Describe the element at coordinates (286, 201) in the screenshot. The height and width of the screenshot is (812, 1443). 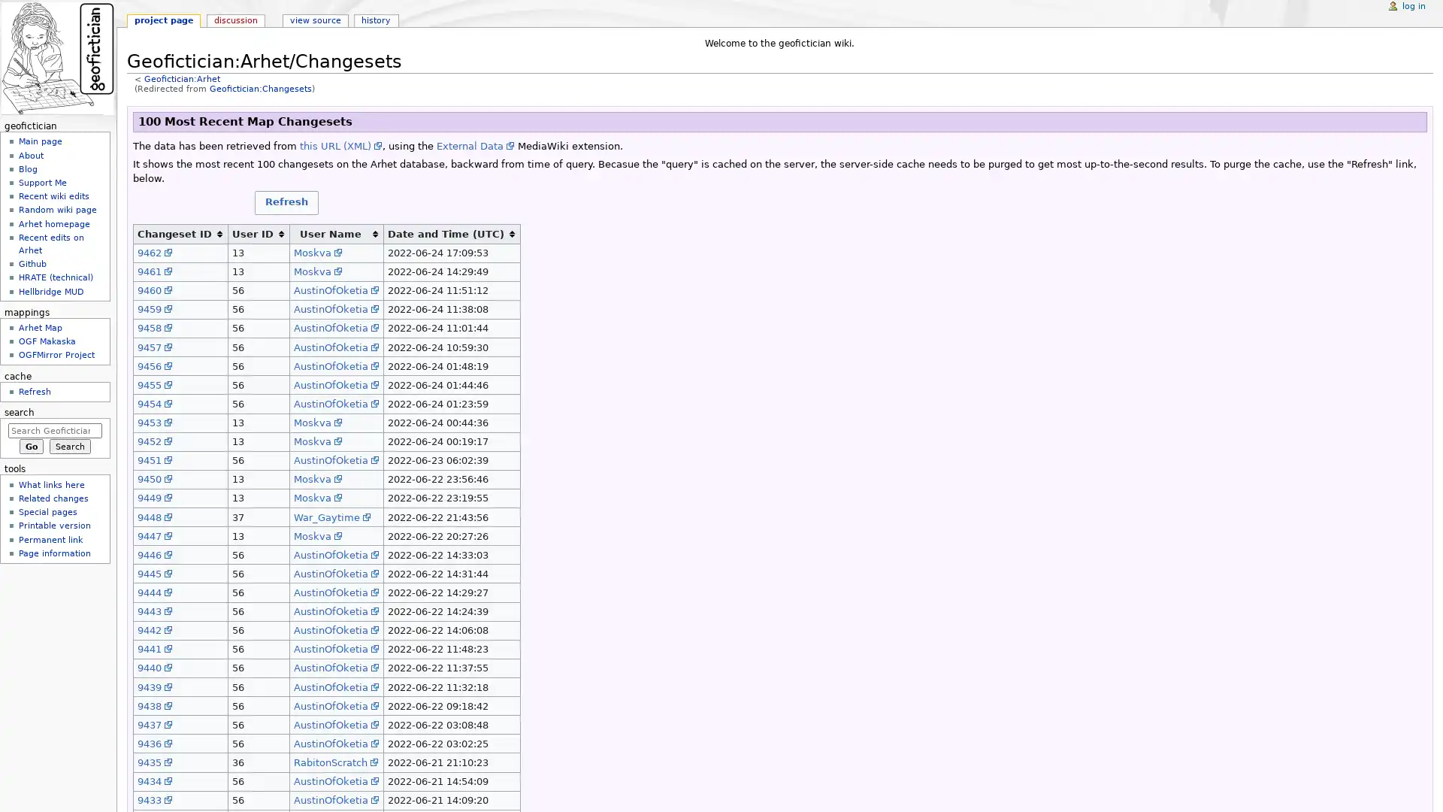
I see `Refresh` at that location.